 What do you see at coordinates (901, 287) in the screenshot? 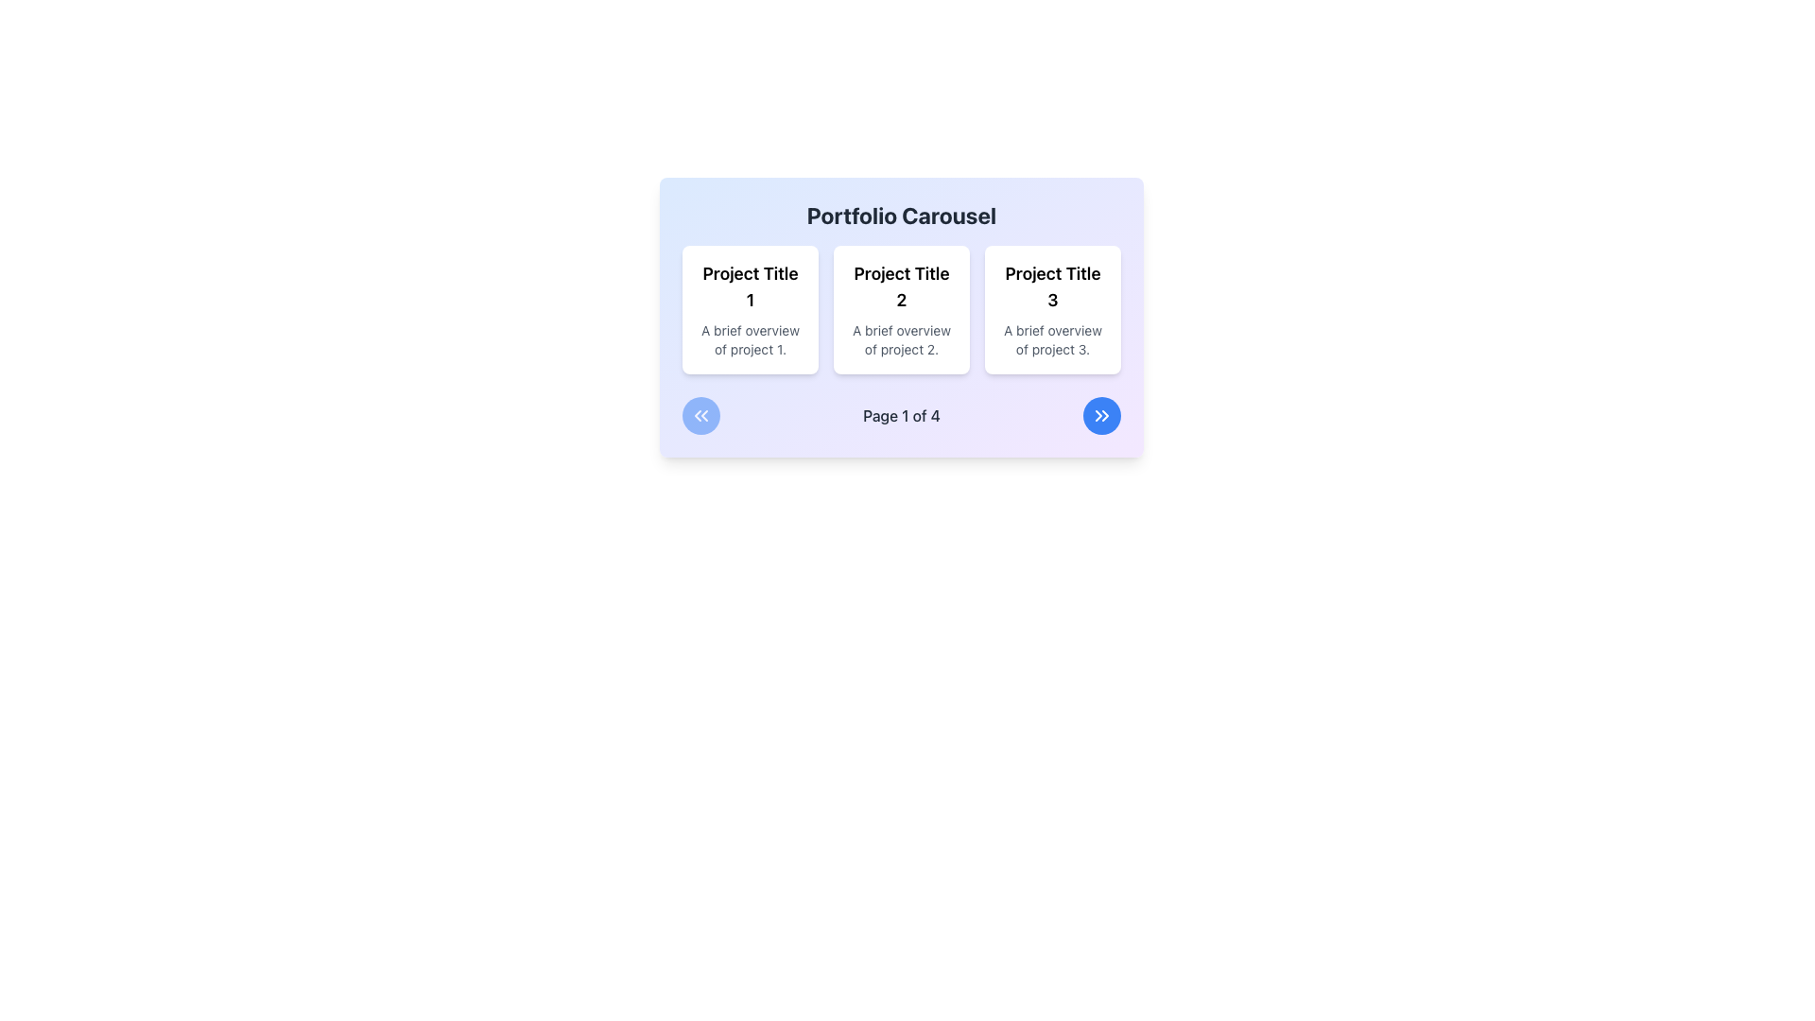
I see `the static text element displaying 'Project Title 2', which is styled as a prominent heading at the top center of a card` at bounding box center [901, 287].